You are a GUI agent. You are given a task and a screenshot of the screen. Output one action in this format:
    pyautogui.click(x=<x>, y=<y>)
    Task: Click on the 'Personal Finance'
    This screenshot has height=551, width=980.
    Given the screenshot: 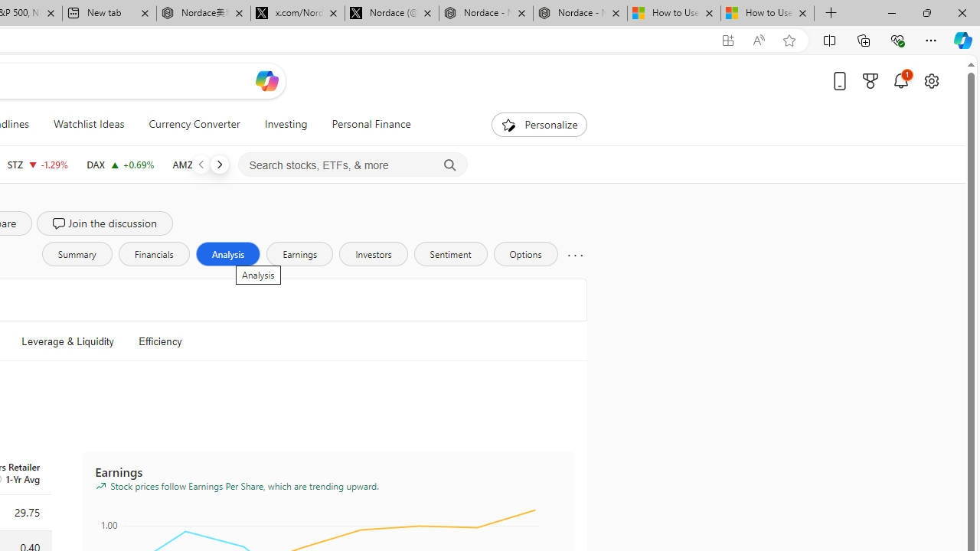 What is the action you would take?
    pyautogui.click(x=371, y=124)
    